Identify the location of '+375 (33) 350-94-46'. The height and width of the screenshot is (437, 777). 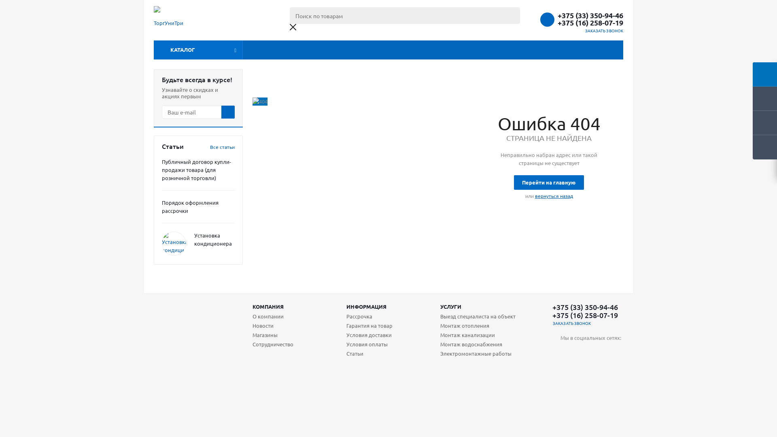
(557, 15).